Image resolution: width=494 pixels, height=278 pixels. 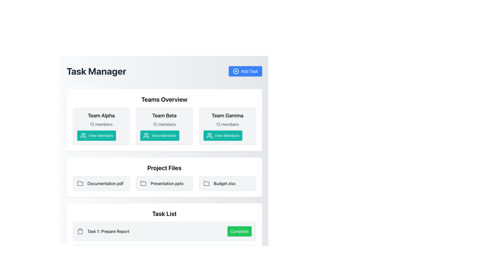 What do you see at coordinates (103, 231) in the screenshot?
I see `the text label displaying the title of a task located in the 'Task List' section, adjacent to the clipboard icon` at bounding box center [103, 231].